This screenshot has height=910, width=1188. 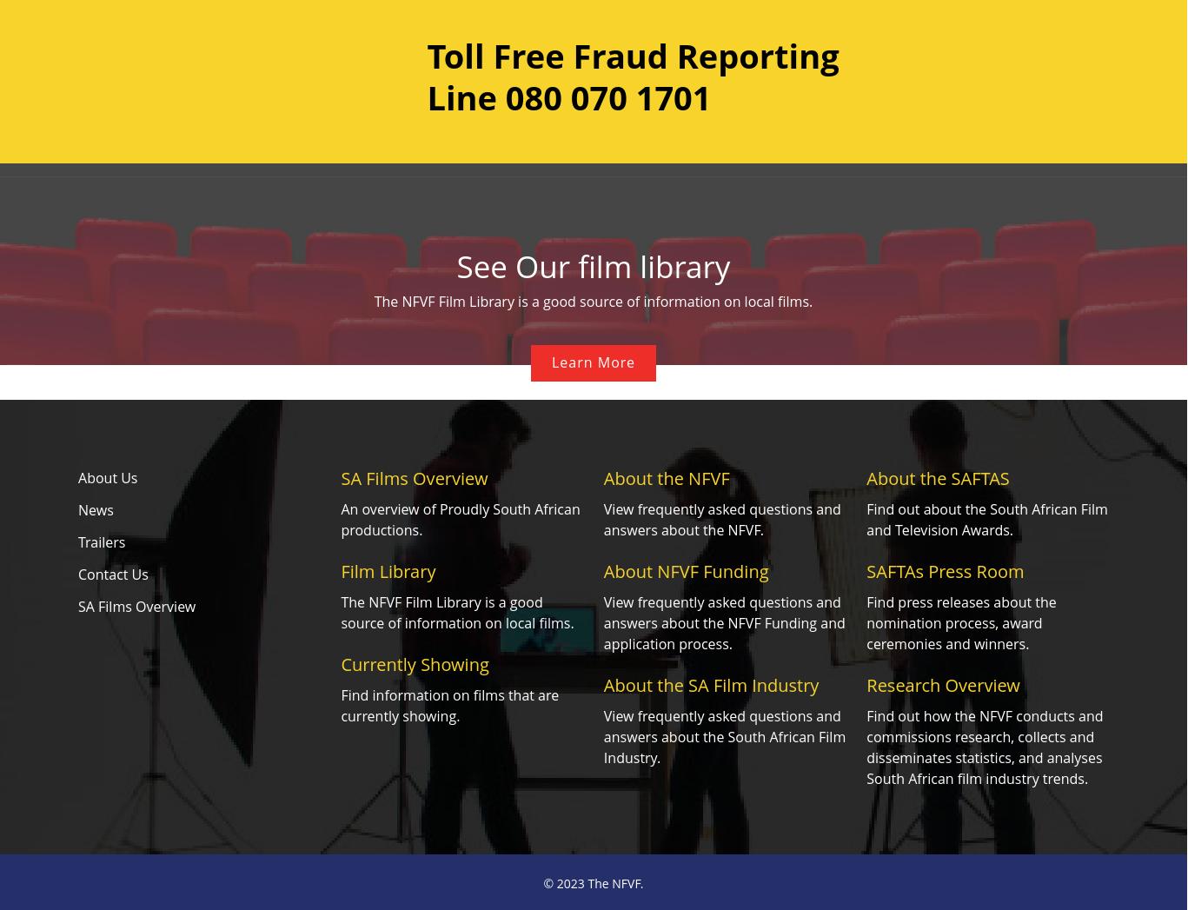 I want to click on '© 2023 The NFVF.', so click(x=593, y=883).